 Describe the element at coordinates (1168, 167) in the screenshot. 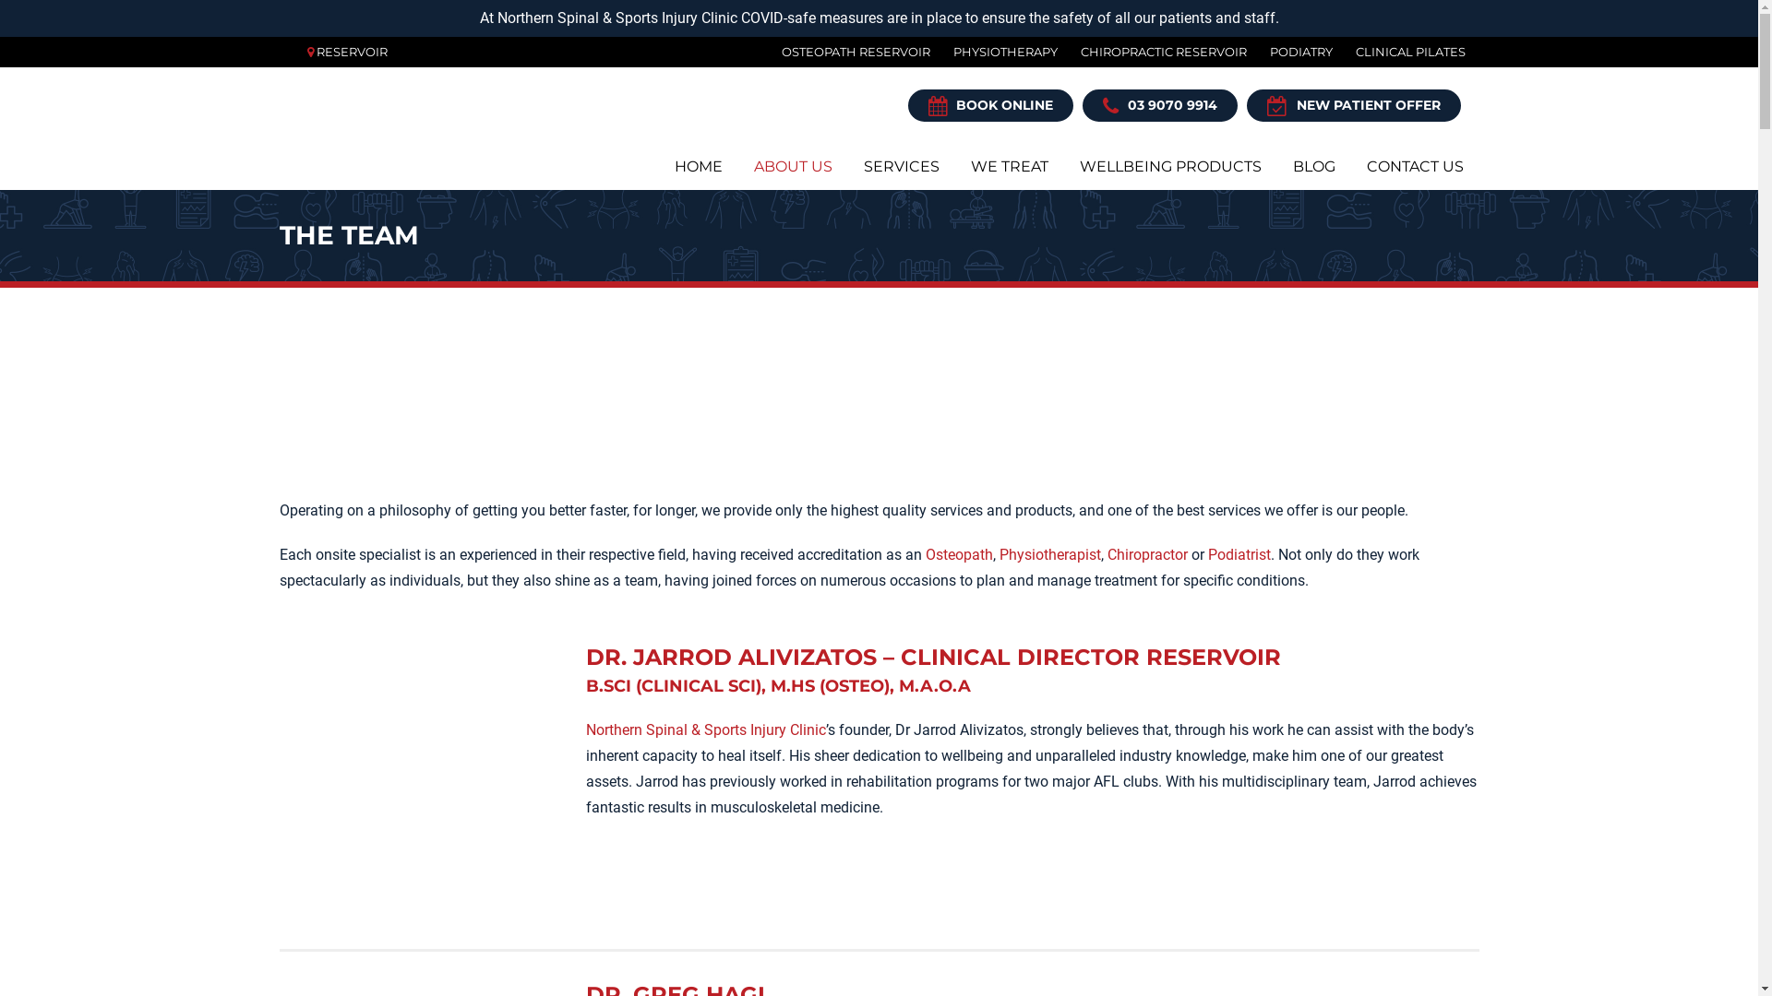

I see `'WELLBEING PRODUCTS'` at that location.